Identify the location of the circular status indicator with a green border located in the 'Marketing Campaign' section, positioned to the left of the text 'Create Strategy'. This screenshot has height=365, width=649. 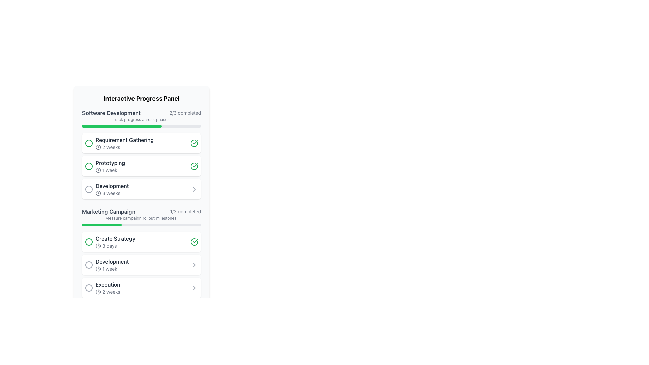
(89, 242).